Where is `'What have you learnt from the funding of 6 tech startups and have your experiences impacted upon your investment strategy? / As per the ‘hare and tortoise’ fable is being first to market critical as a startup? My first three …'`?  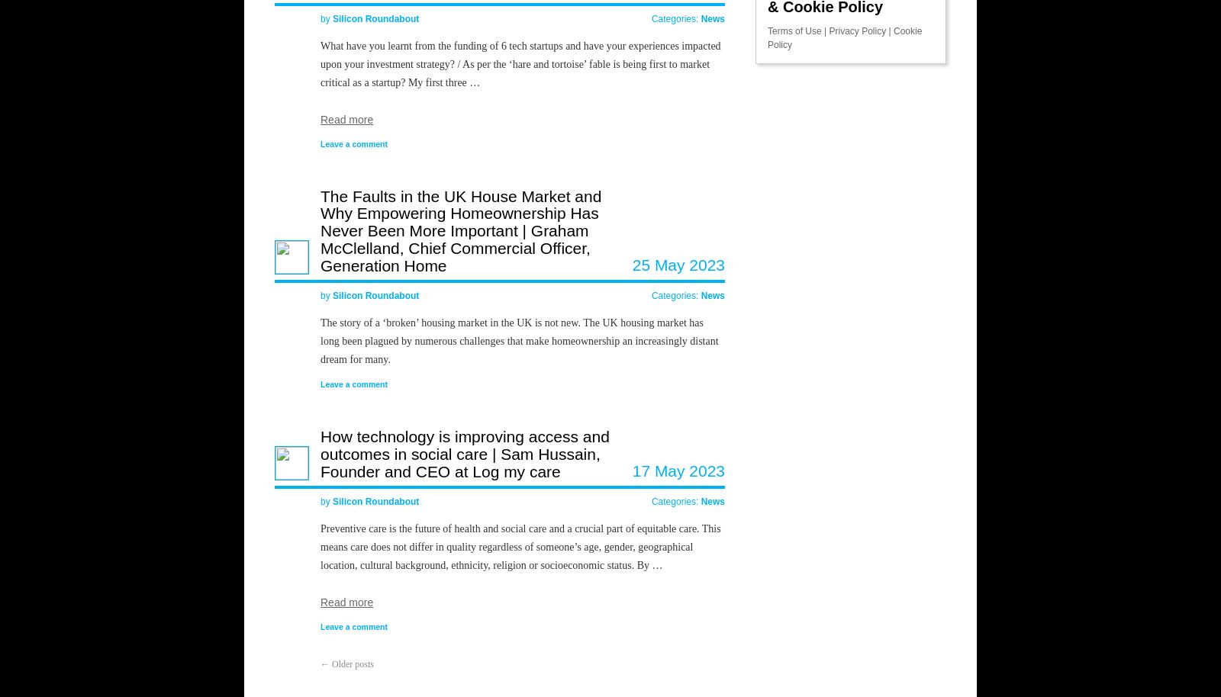 'What have you learnt from the funding of 6 tech startups and have your experiences impacted upon your investment strategy? / As per the ‘hare and tortoise’ fable is being first to market critical as a startup? My first three …' is located at coordinates (520, 63).